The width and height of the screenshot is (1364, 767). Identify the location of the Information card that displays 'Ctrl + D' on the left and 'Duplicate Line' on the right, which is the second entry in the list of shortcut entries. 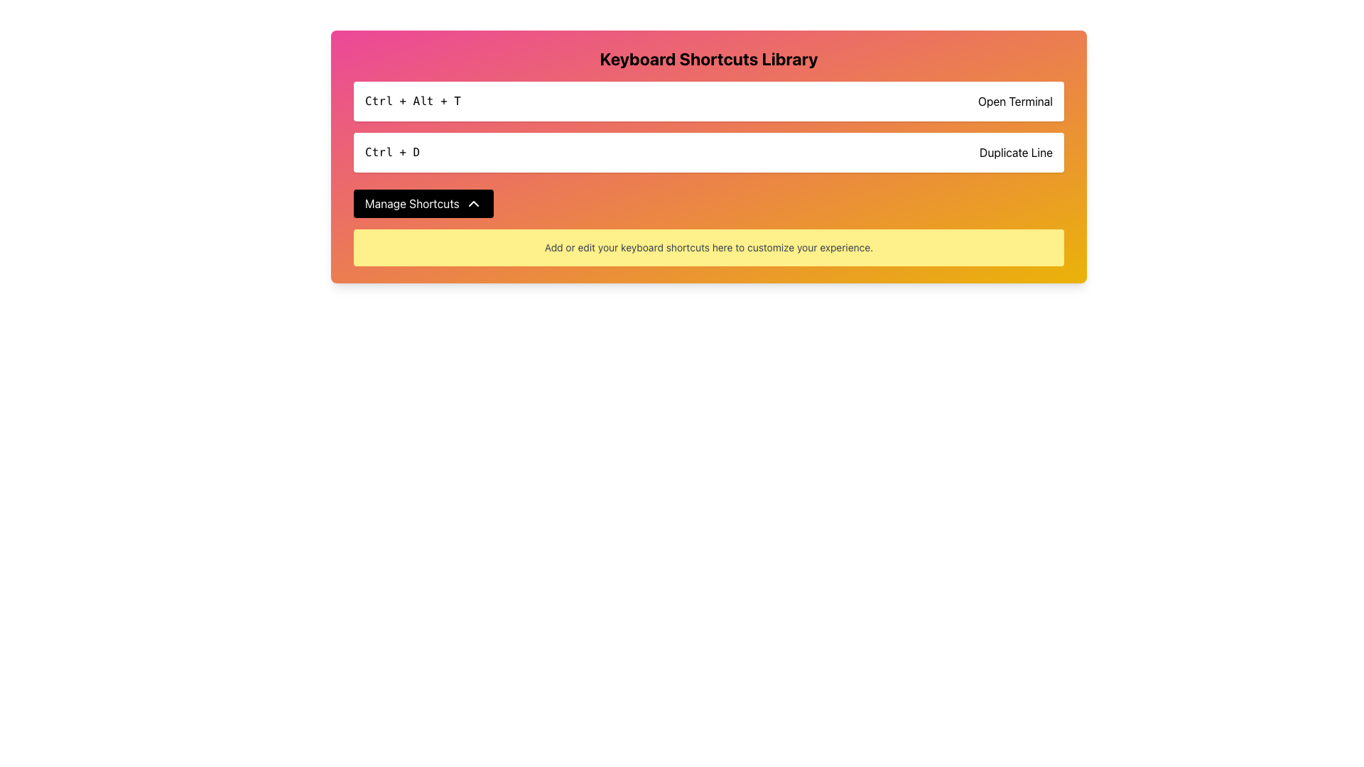
(709, 153).